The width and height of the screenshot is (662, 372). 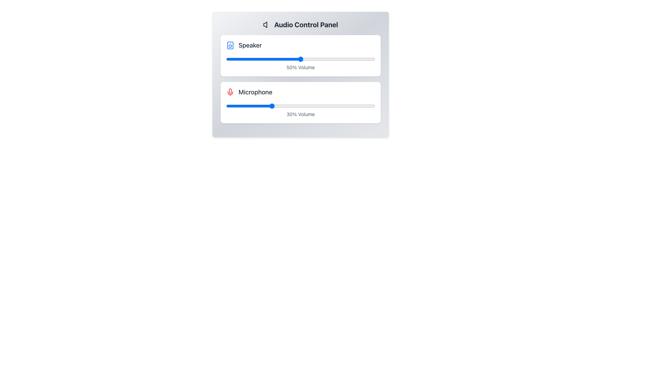 I want to click on the speaker volume, so click(x=361, y=59).